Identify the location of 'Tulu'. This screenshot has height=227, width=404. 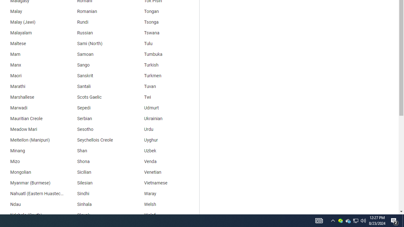
(166, 43).